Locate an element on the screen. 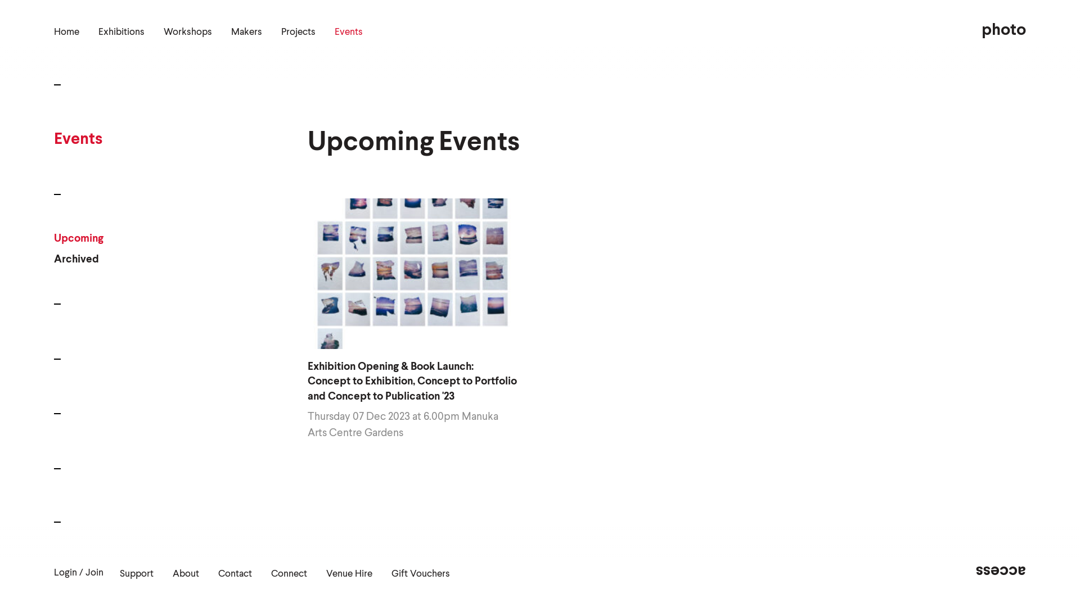  'Makers' is located at coordinates (246, 31).